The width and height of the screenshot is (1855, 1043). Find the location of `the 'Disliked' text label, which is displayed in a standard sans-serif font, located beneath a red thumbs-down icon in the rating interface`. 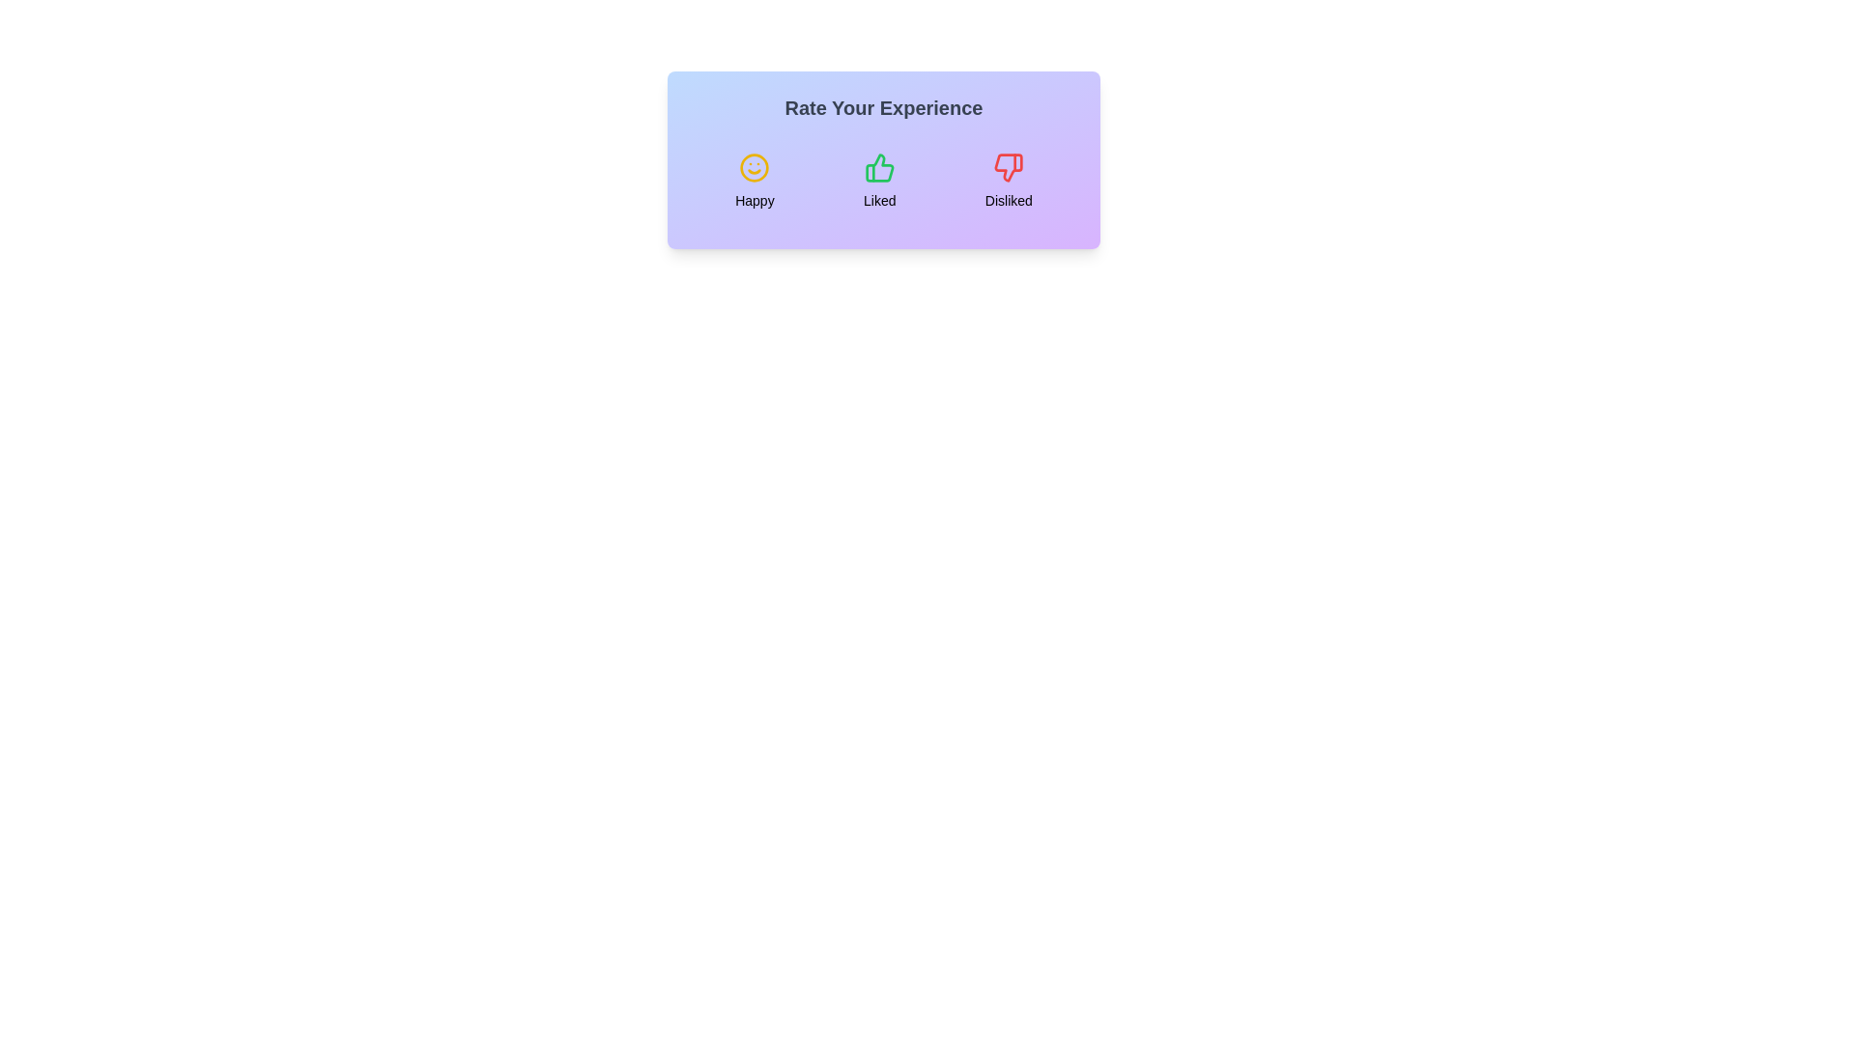

the 'Disliked' text label, which is displayed in a standard sans-serif font, located beneath a red thumbs-down icon in the rating interface is located at coordinates (1008, 201).